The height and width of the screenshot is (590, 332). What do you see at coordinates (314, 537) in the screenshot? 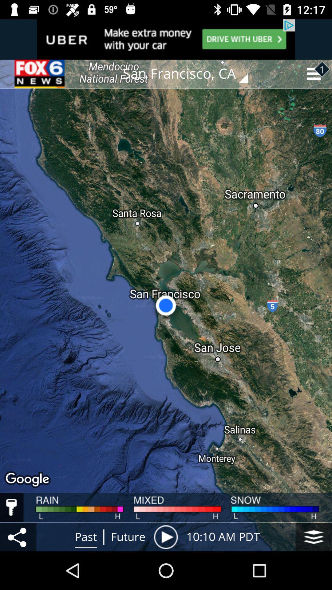
I see `the item next to 10 10 am item` at bounding box center [314, 537].